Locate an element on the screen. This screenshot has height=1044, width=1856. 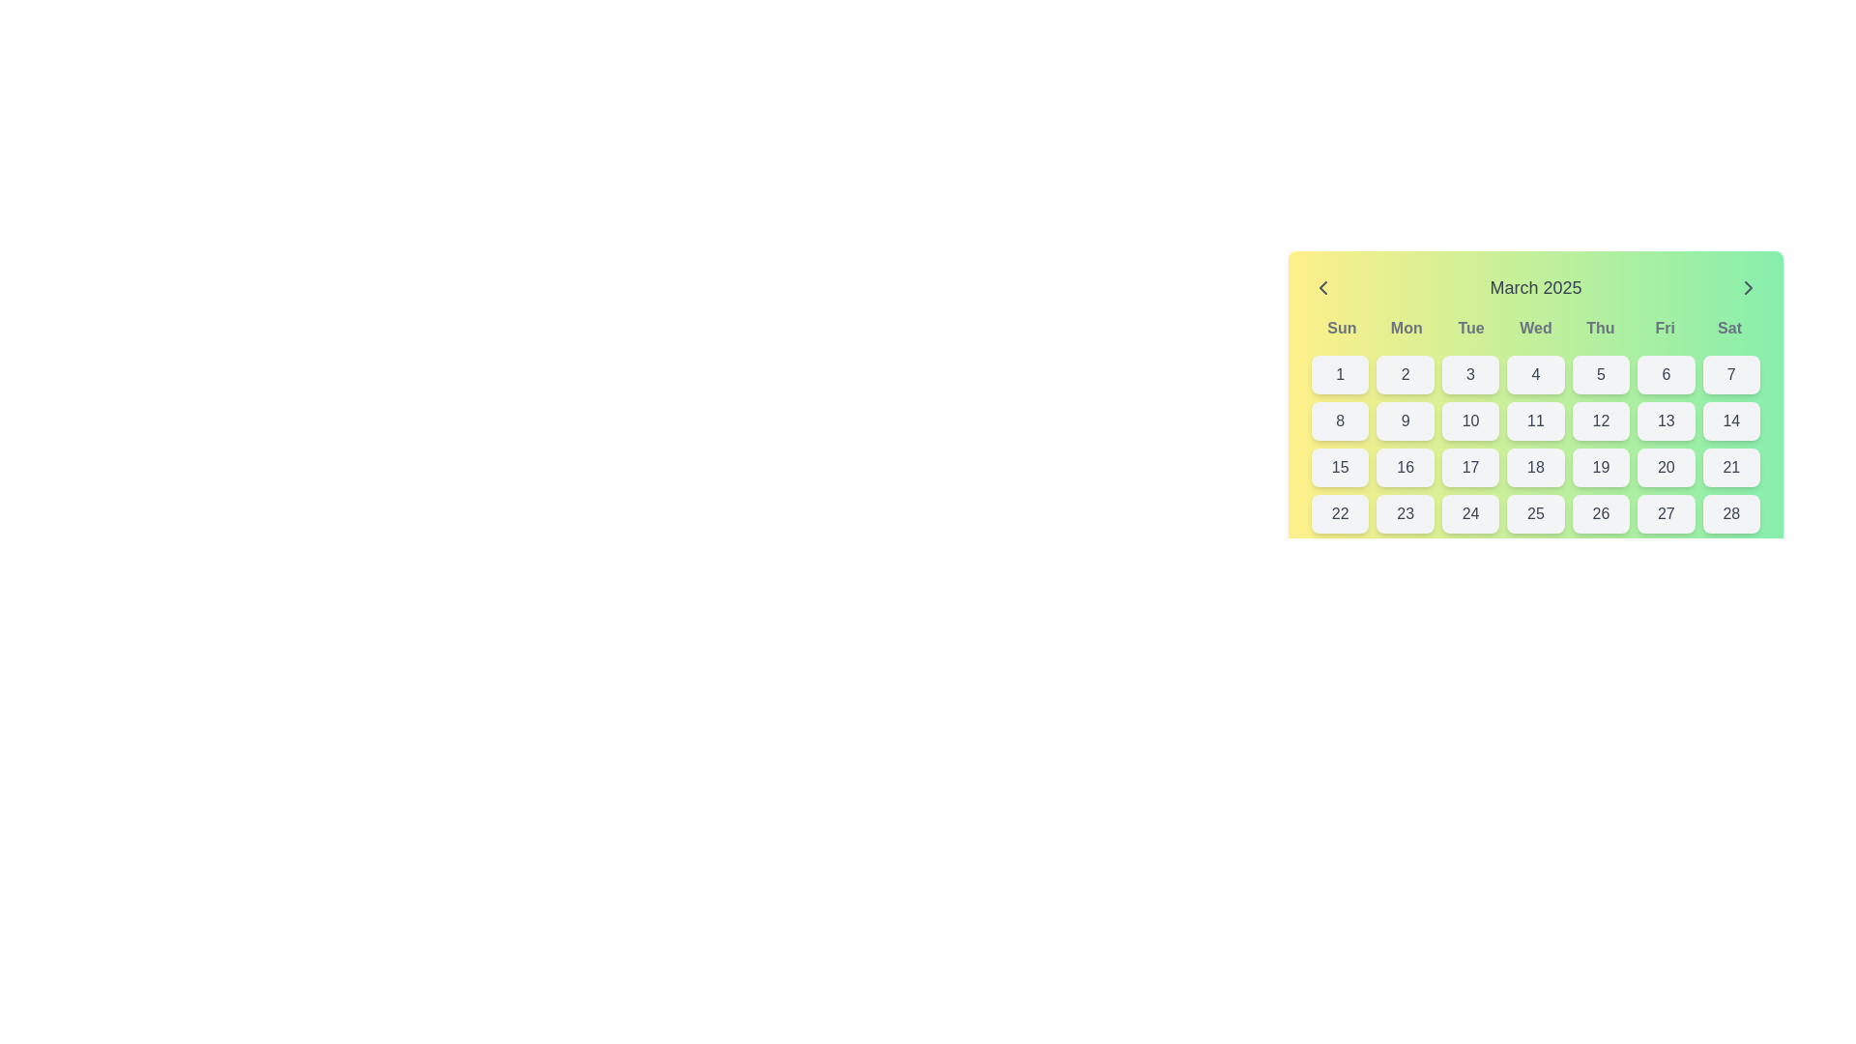
the rounded rectangular button labeled '11' in the second row and fourth column of the calendar layout to trigger hover effects is located at coordinates (1534, 420).